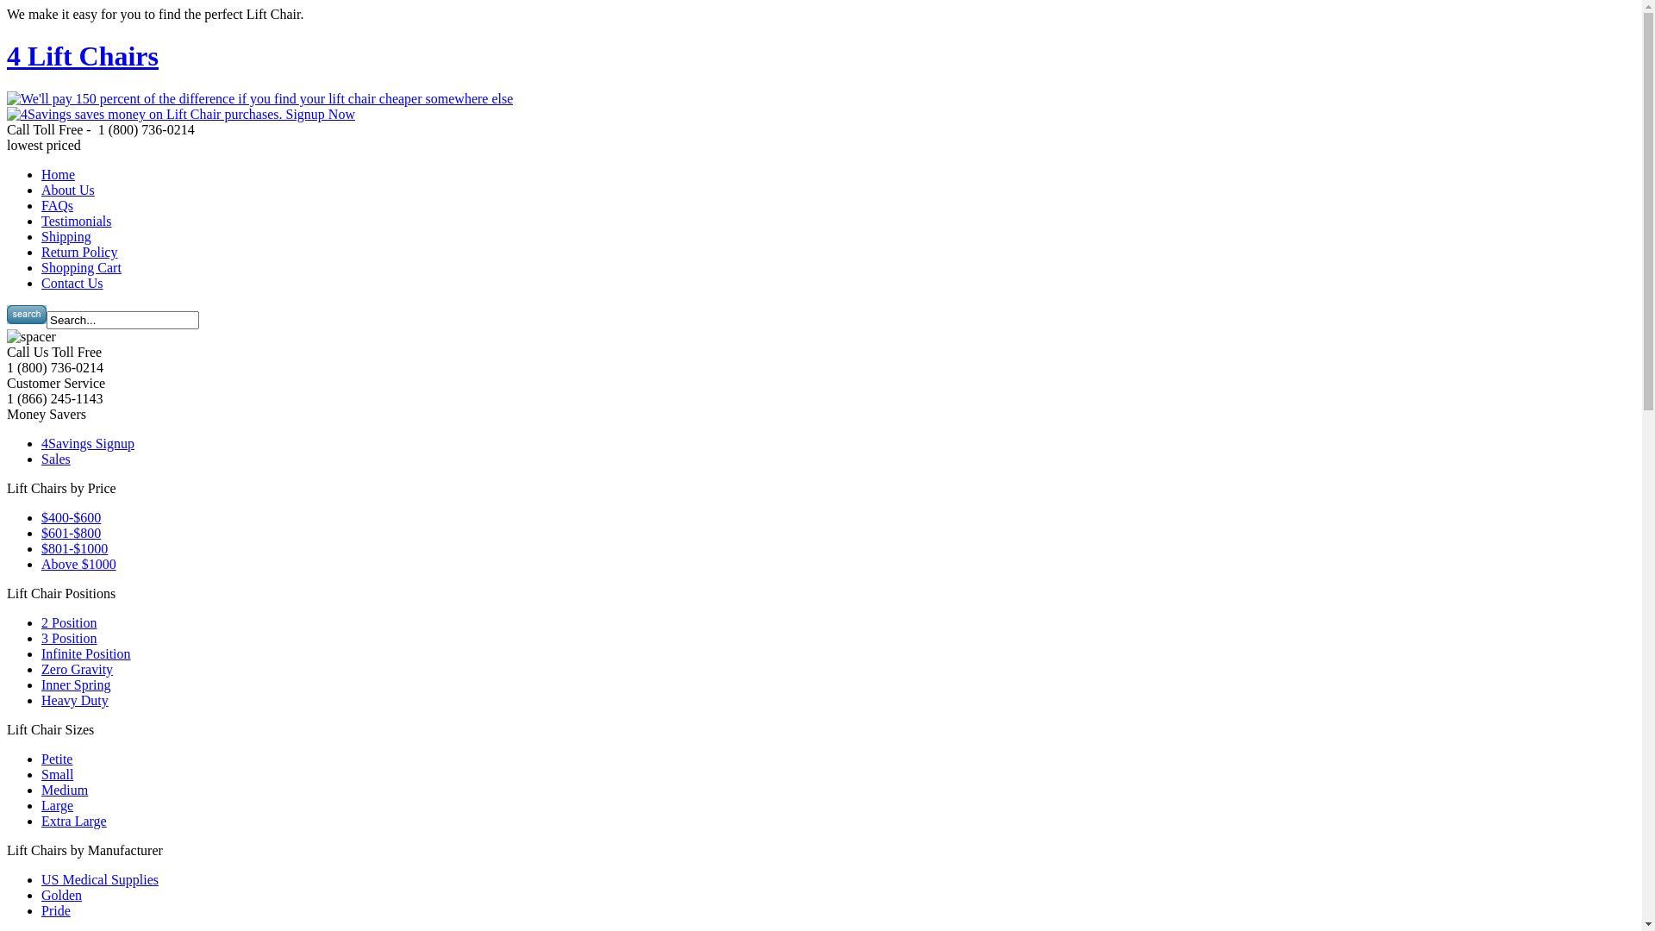  Describe the element at coordinates (85, 653) in the screenshot. I see `'Infinite Position'` at that location.